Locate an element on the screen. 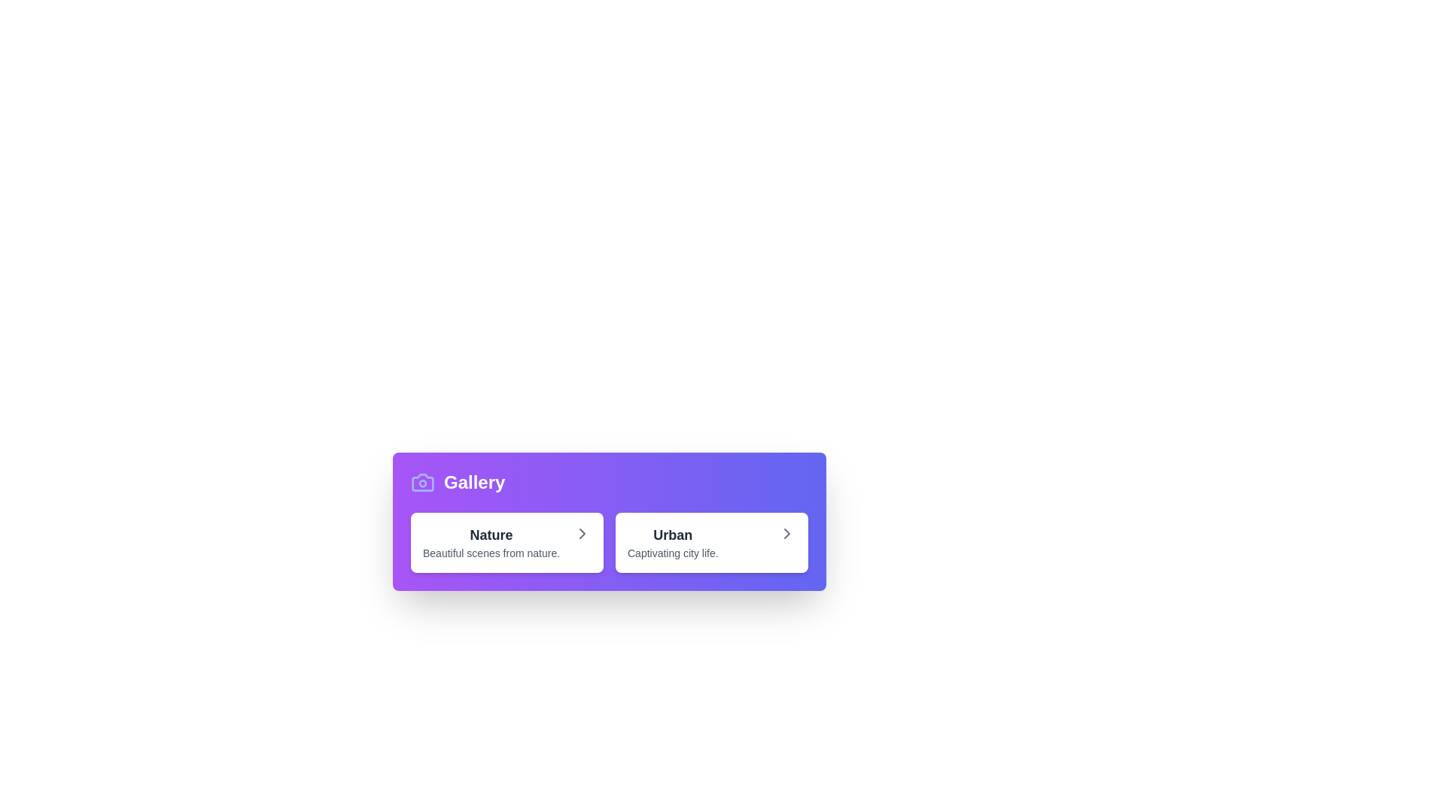  the text label 'Urban' which is styled in bold and large font, located at the top of the card on the right side of the panel labeled 'Gallery' is located at coordinates (672, 535).